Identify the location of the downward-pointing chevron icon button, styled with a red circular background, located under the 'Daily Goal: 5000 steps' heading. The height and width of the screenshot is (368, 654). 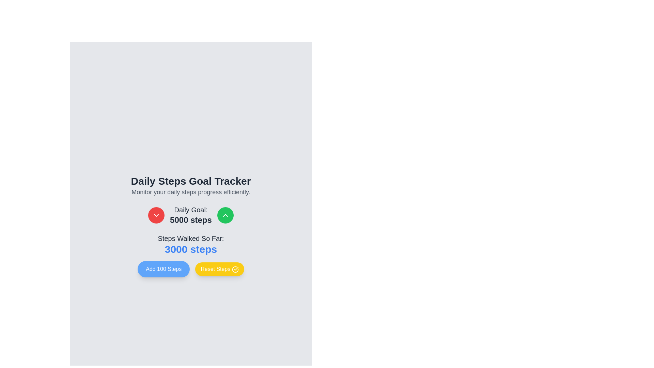
(156, 215).